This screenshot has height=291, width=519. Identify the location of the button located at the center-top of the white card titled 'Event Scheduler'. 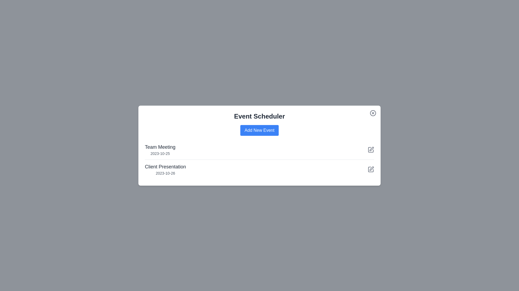
(259, 130).